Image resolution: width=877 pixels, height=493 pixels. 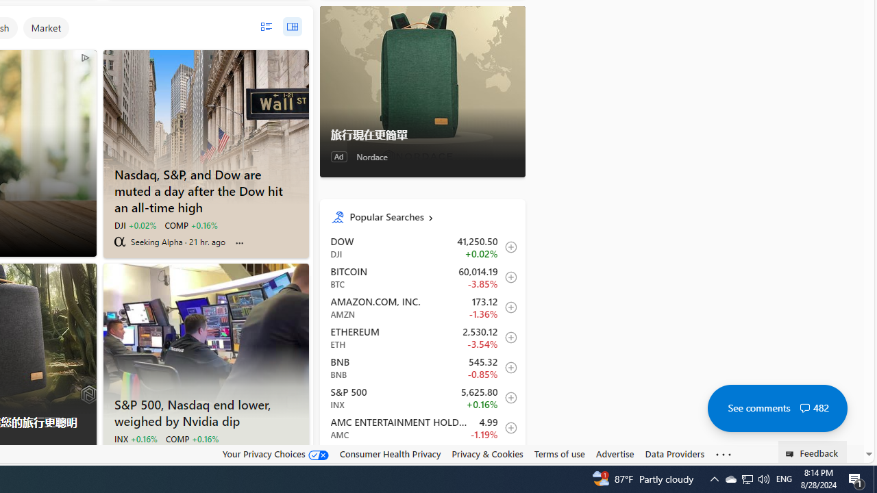 I want to click on 'Advertise', so click(x=614, y=454).